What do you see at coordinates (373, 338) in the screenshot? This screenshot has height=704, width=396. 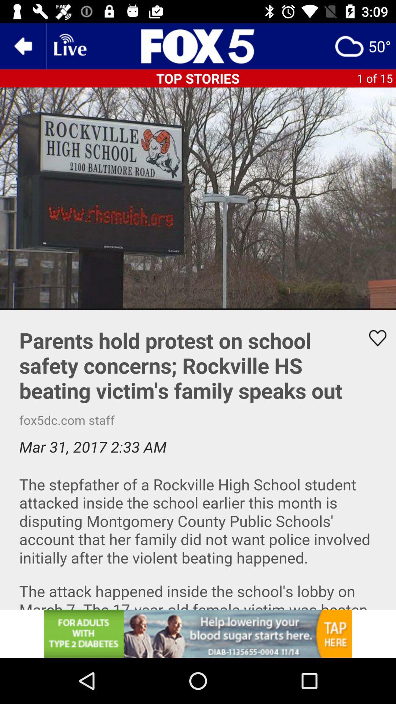 I see `favorites option` at bounding box center [373, 338].